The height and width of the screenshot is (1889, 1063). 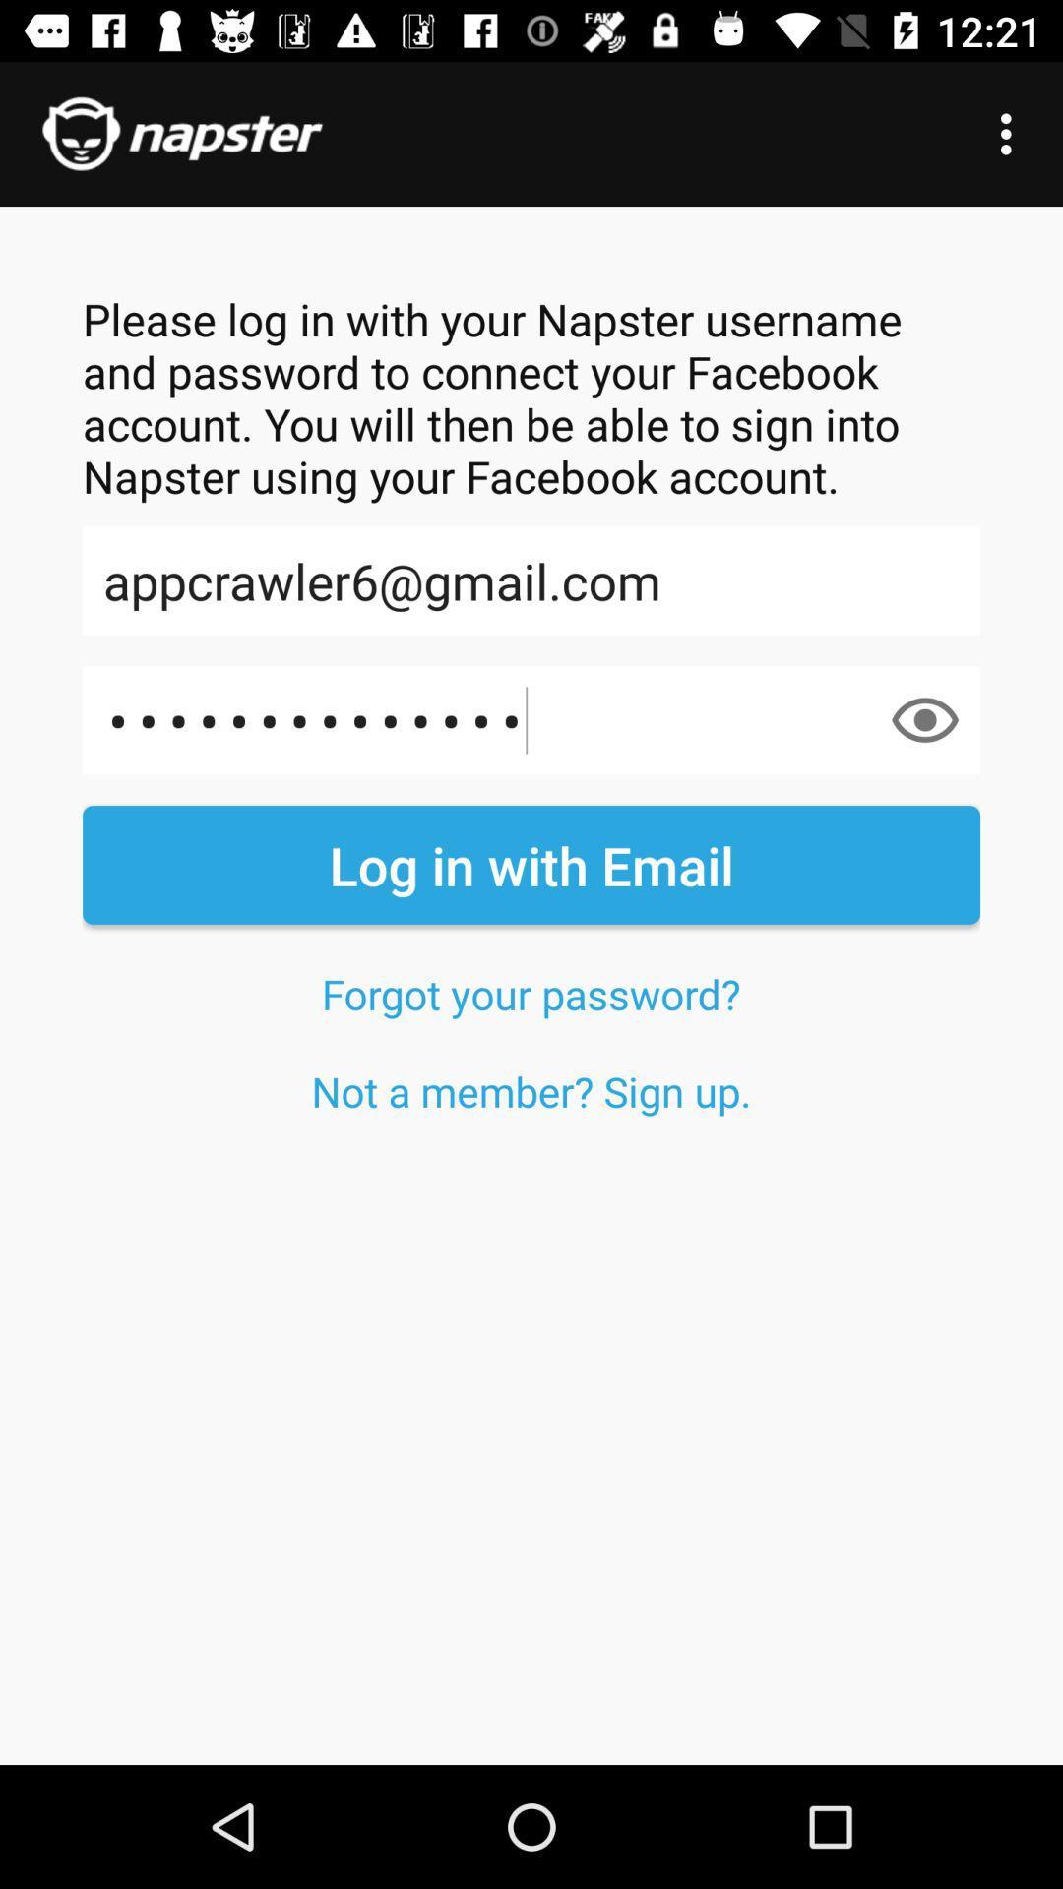 What do you see at coordinates (531, 579) in the screenshot?
I see `appcrawler6@gmail.com item` at bounding box center [531, 579].